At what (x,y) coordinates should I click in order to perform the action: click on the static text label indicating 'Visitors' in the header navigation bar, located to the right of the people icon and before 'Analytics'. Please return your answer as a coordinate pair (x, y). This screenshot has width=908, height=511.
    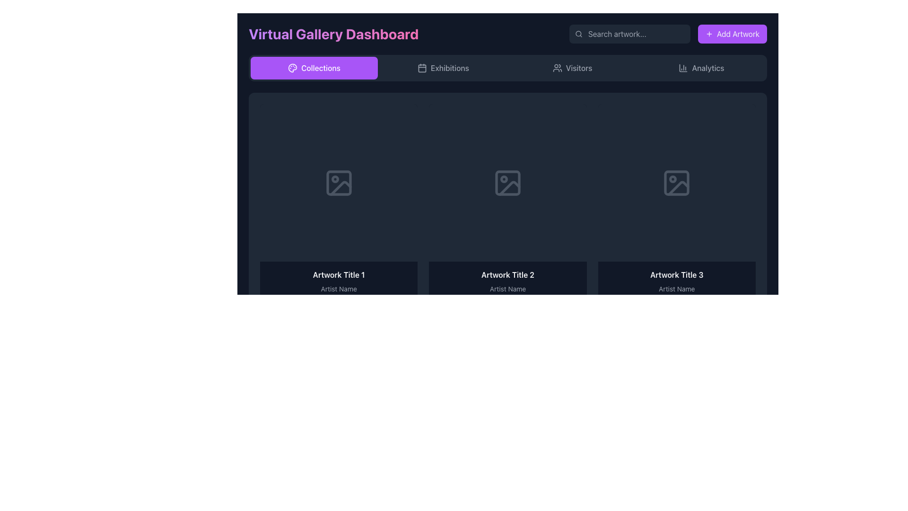
    Looking at the image, I should click on (578, 67).